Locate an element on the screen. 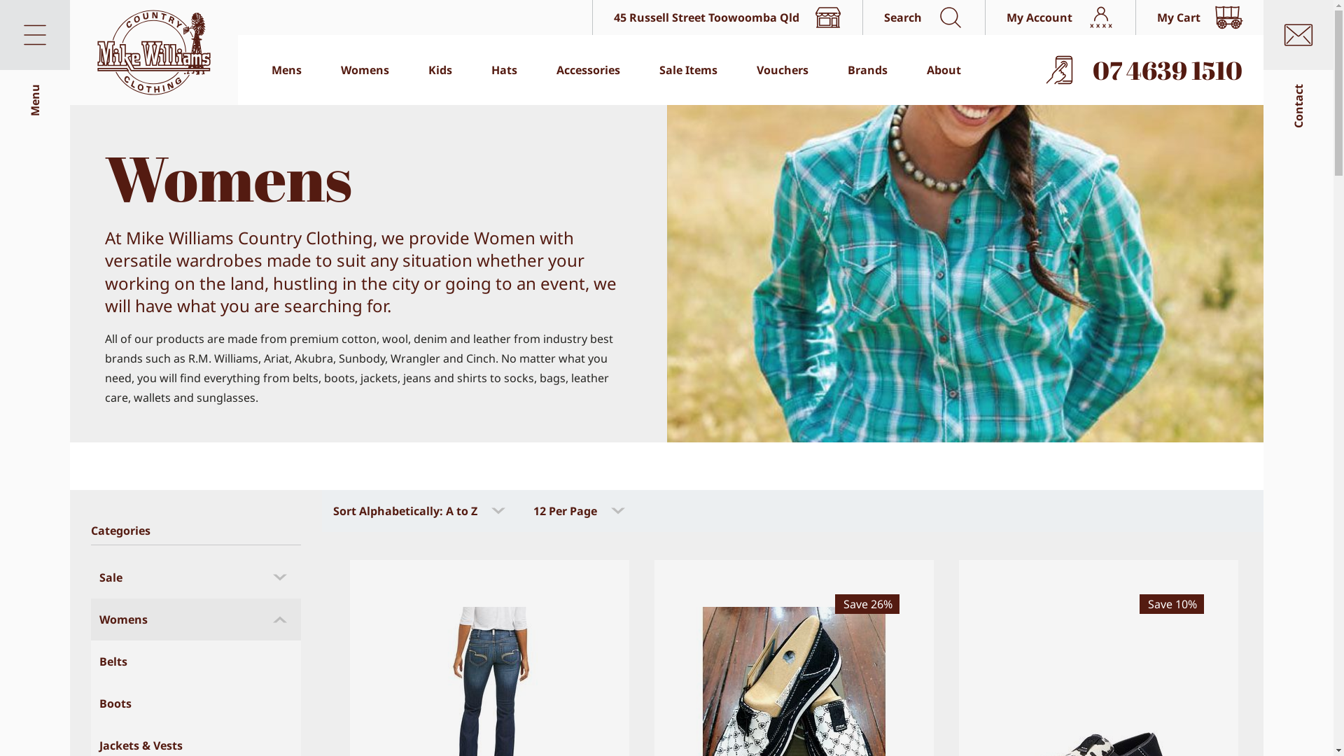 This screenshot has width=1344, height=756. 'My Account' is located at coordinates (983, 17).